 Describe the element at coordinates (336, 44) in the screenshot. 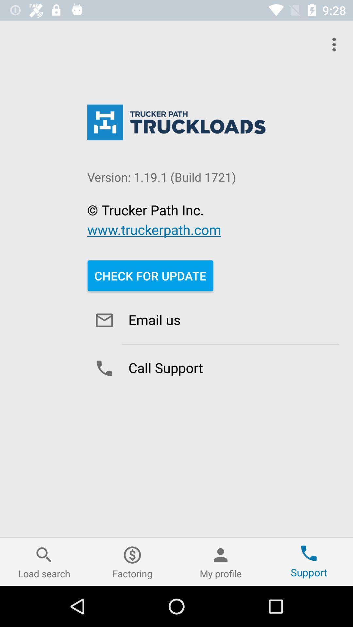

I see `the android menu icon in top` at that location.